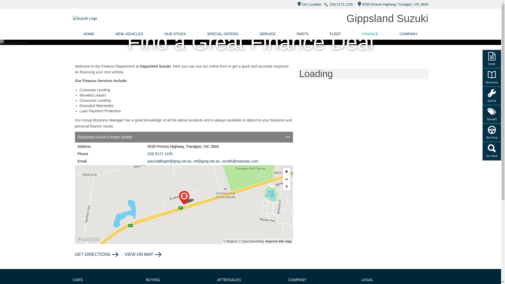  I want to click on 'VIEW ON MAP', so click(124, 254).